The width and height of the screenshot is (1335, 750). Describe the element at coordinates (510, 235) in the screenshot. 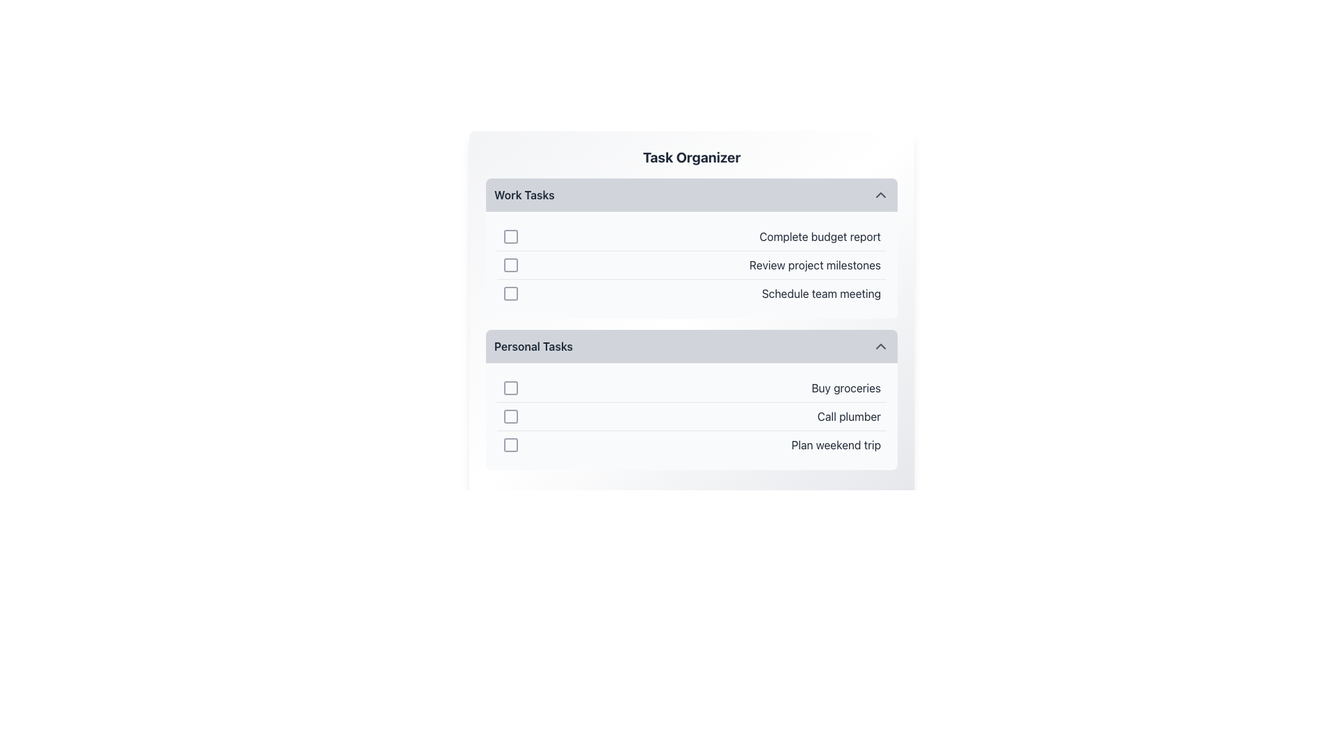

I see `the first checkbox` at that location.